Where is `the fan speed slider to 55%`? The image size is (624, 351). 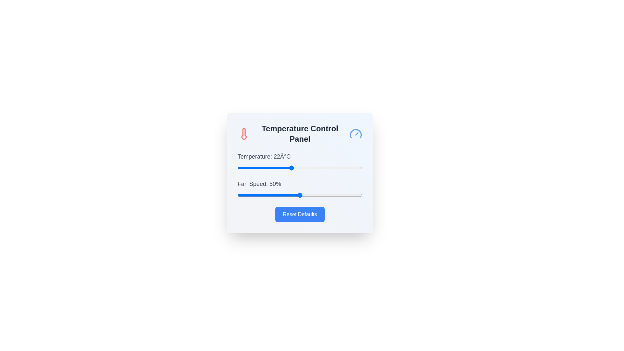
the fan speed slider to 55% is located at coordinates (306, 195).